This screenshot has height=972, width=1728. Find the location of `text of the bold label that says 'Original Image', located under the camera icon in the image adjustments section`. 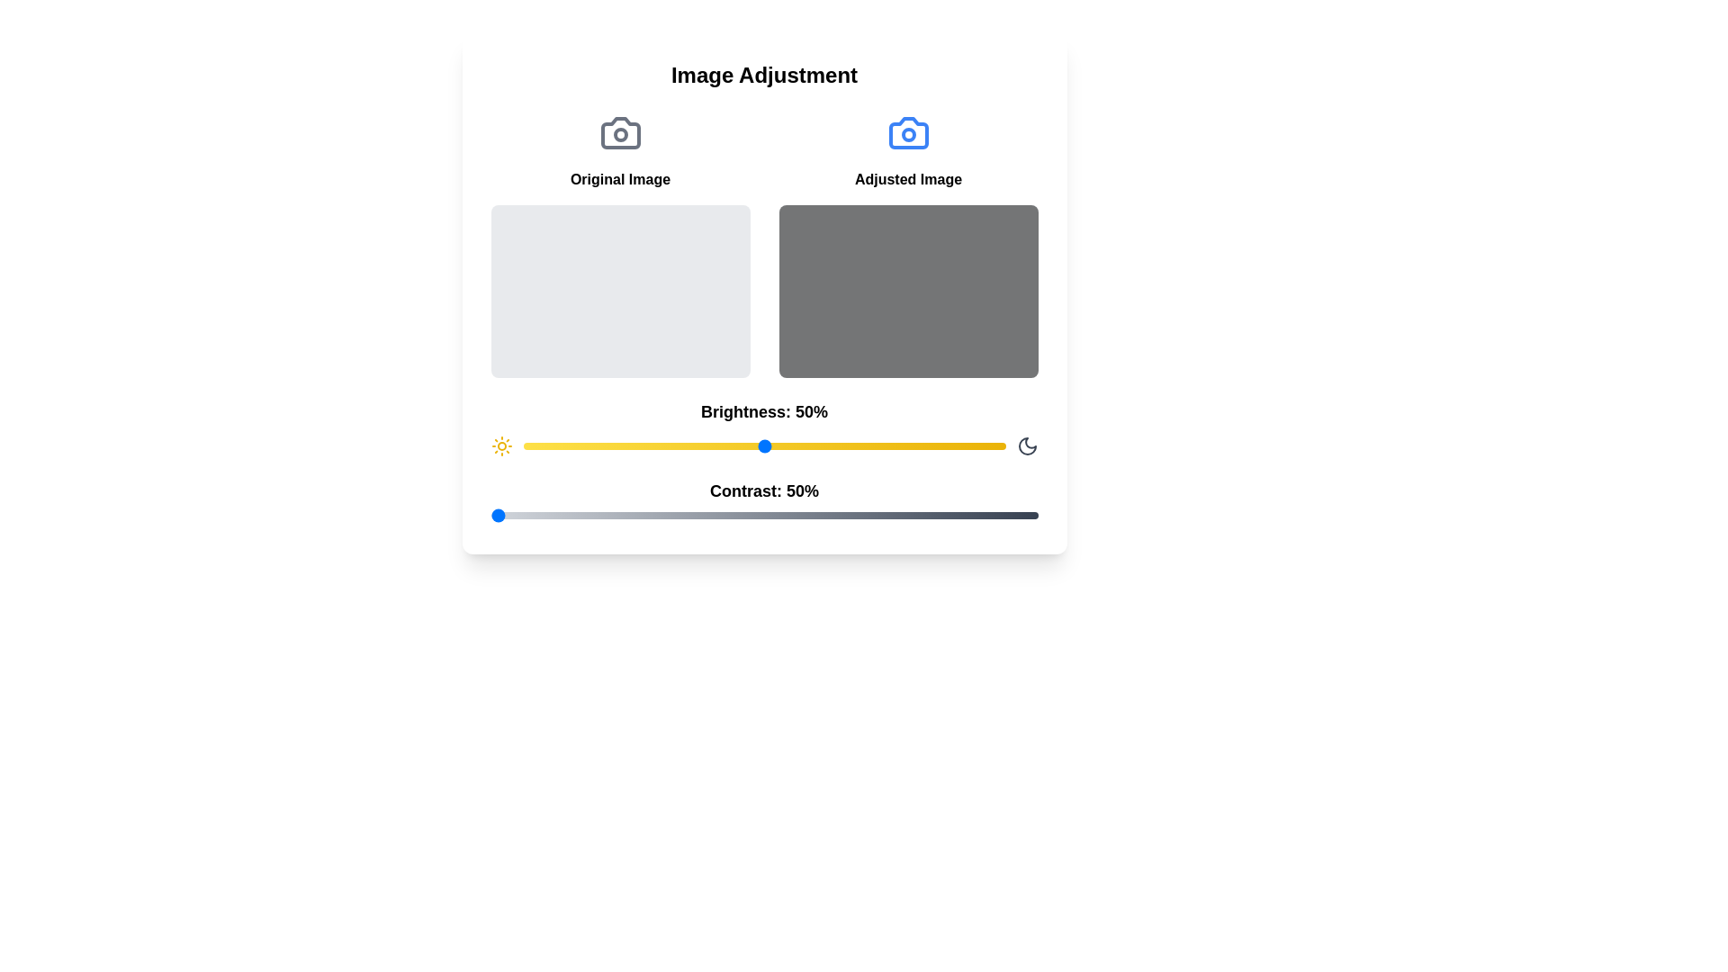

text of the bold label that says 'Original Image', located under the camera icon in the image adjustments section is located at coordinates (620, 180).